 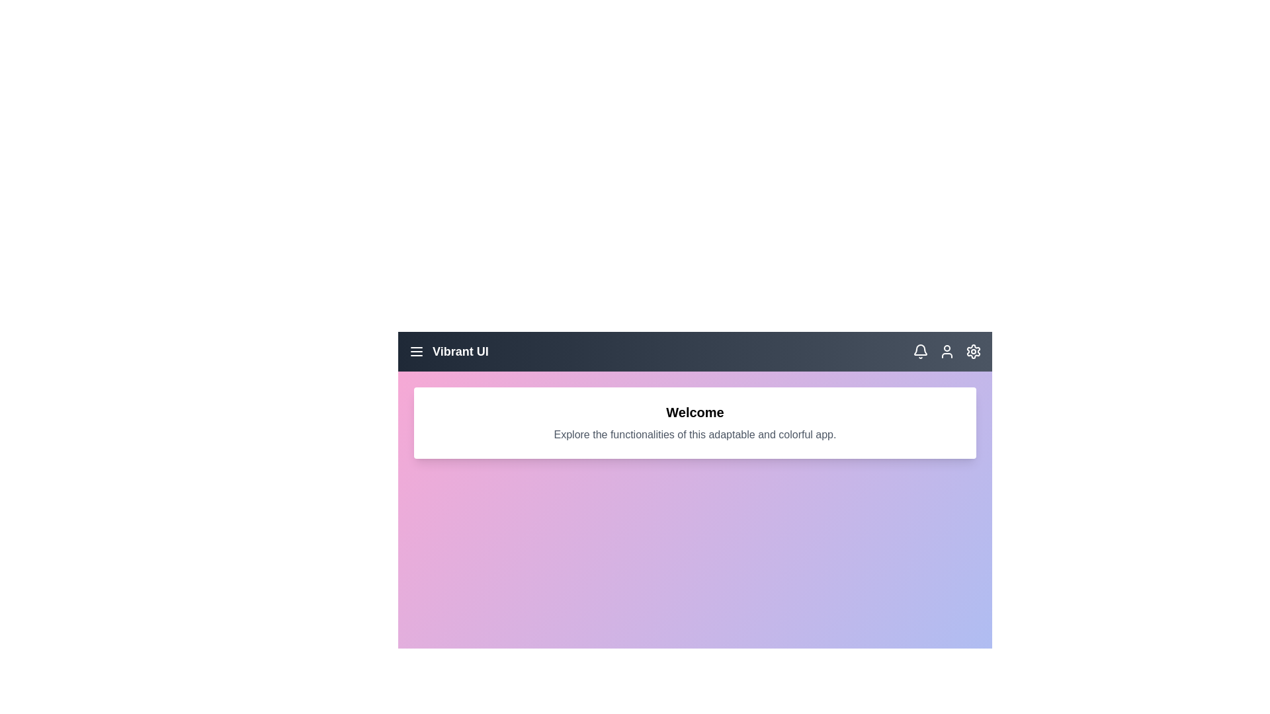 I want to click on the user account icon in the app bar, so click(x=946, y=351).